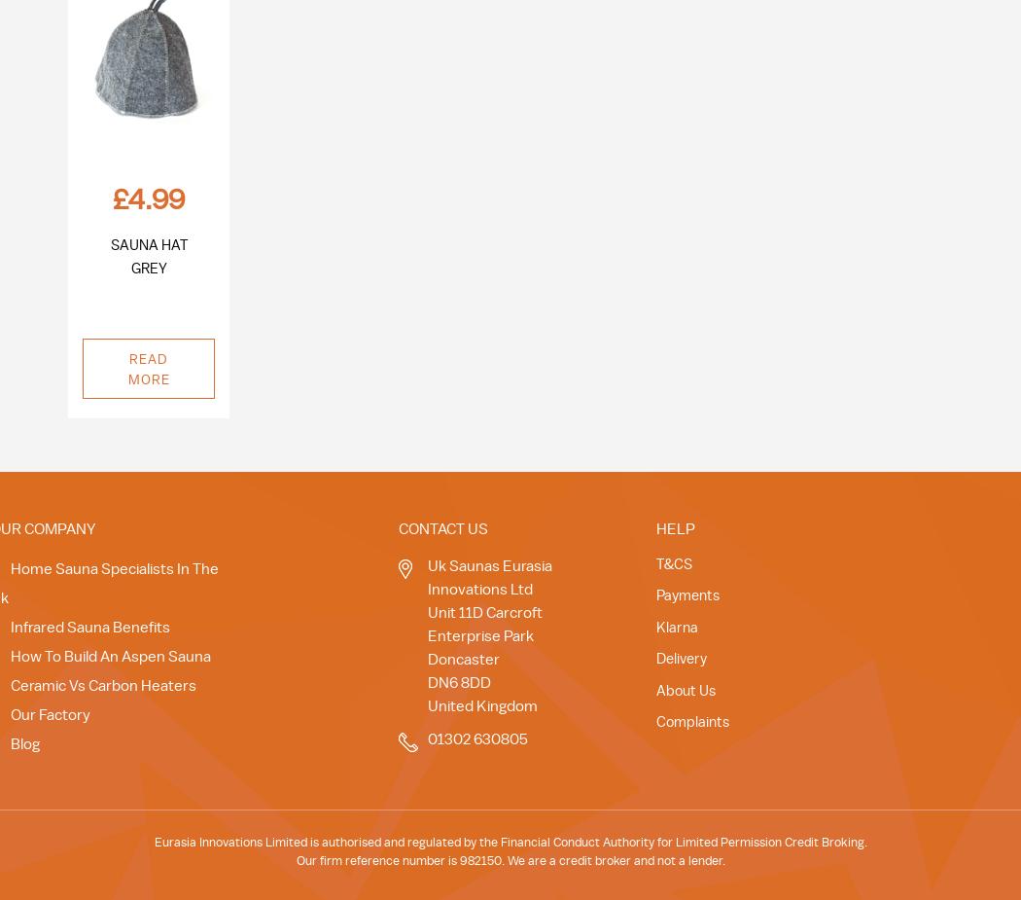 This screenshot has height=900, width=1021. What do you see at coordinates (90, 626) in the screenshot?
I see `'Infrared Sauna Benefits'` at bounding box center [90, 626].